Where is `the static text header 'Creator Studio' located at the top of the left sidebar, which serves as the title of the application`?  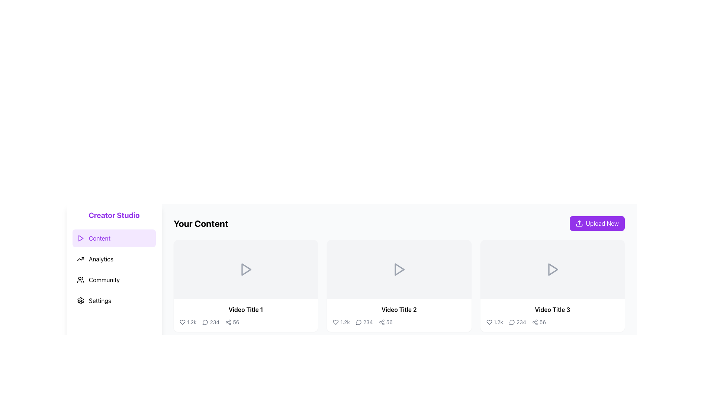
the static text header 'Creator Studio' located at the top of the left sidebar, which serves as the title of the application is located at coordinates (114, 215).